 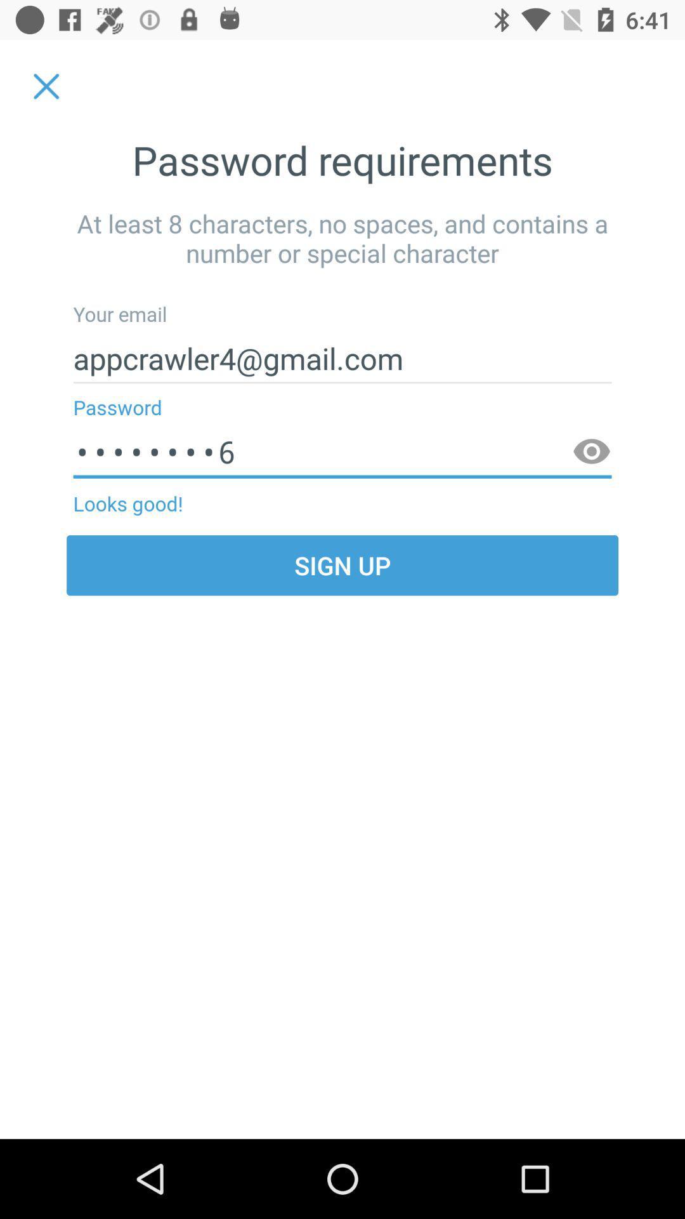 I want to click on item above at least 8 item, so click(x=46, y=86).